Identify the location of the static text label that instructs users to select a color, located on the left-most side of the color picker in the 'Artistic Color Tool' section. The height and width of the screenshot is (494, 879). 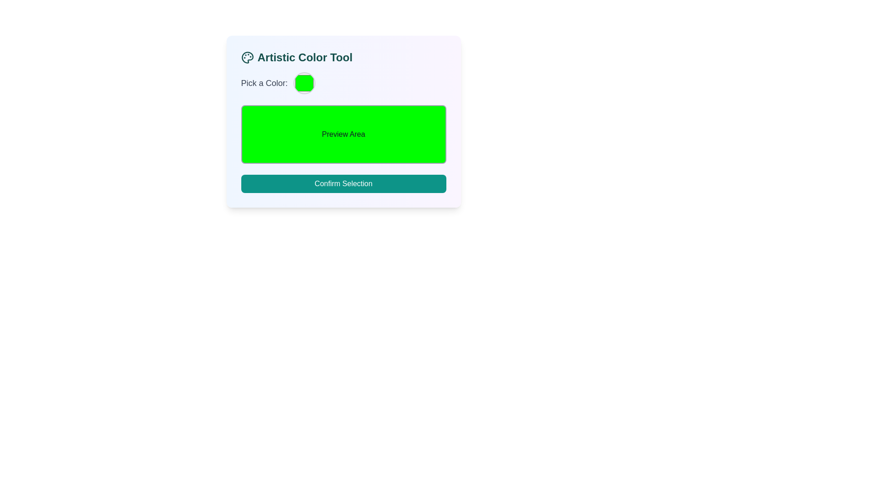
(264, 83).